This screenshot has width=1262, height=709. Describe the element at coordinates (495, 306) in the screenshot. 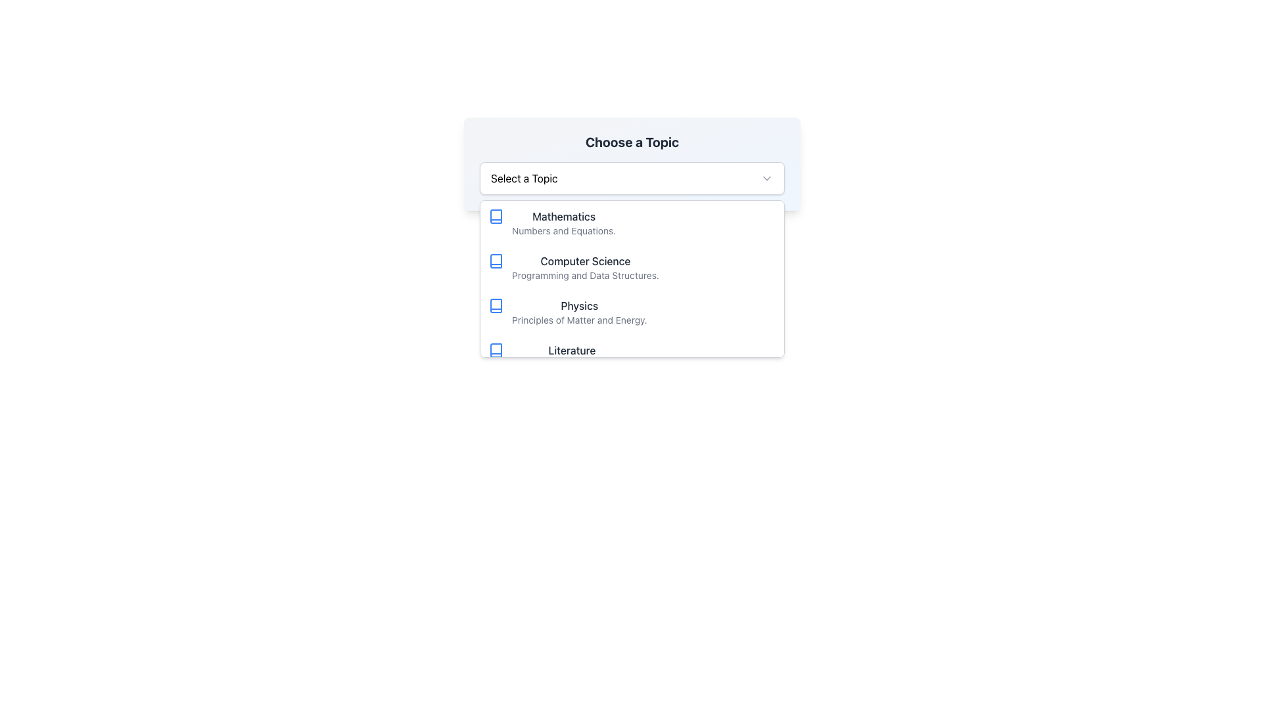

I see `the blue book icon representing the subject 'Physics', which is located to the far left of the text in the interface` at that location.